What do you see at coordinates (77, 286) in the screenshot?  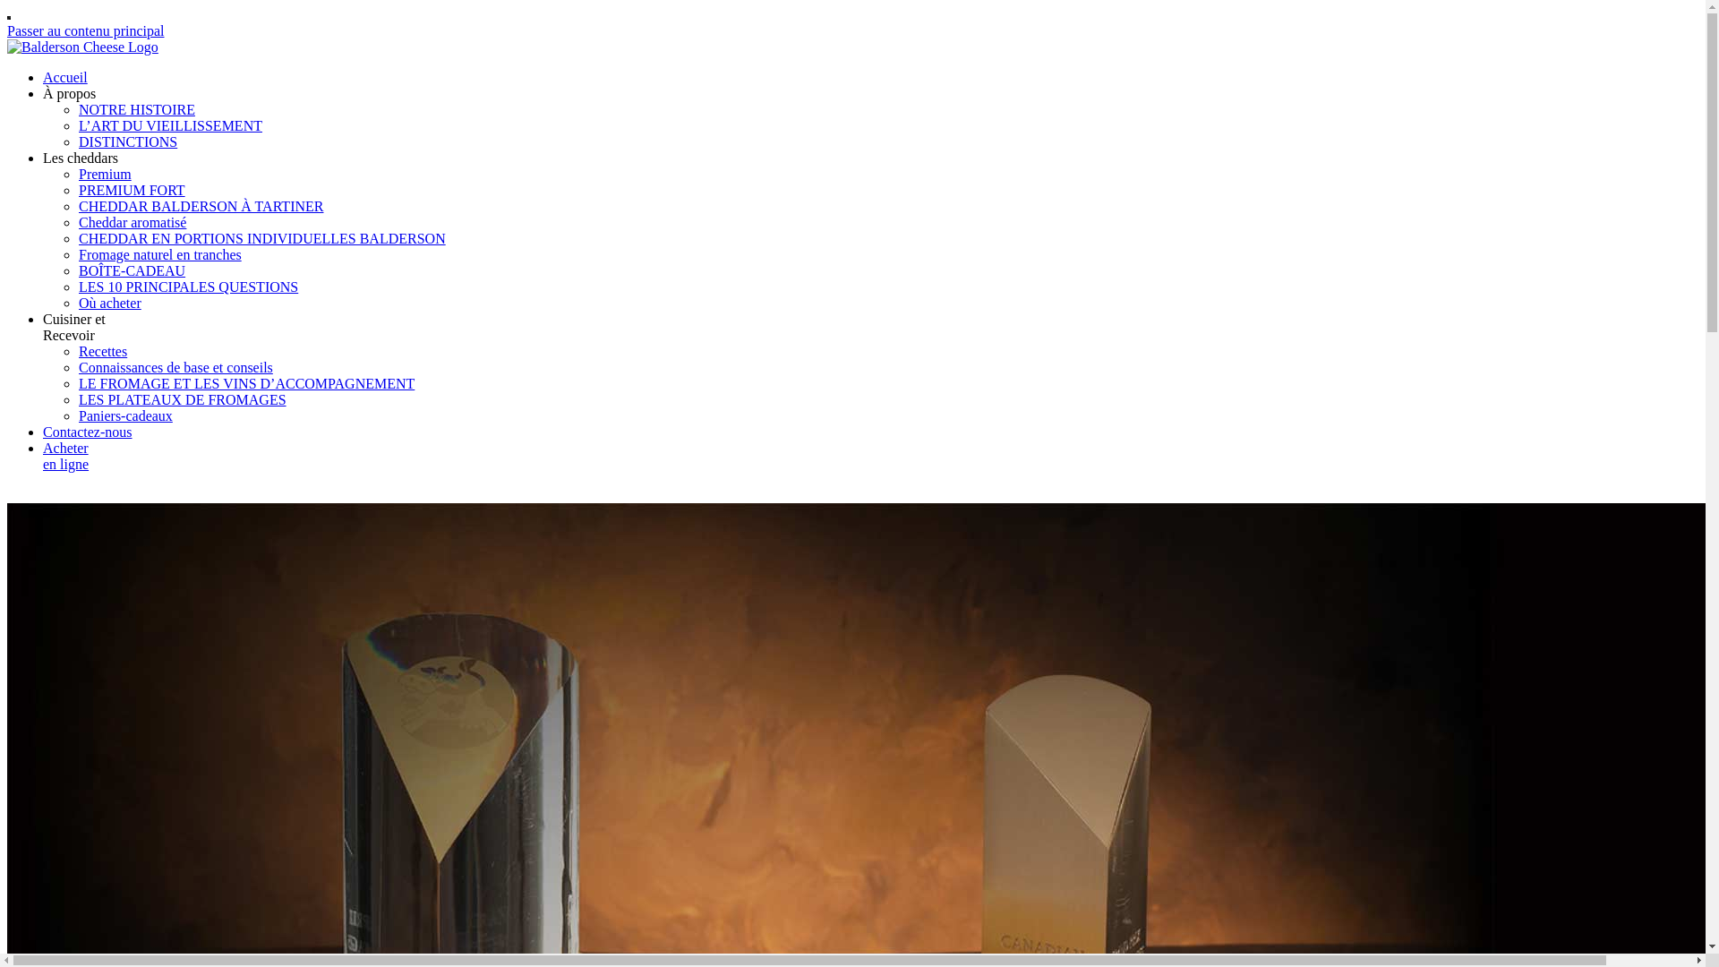 I see `'LES 10 PRINCIPALES QUESTIONS'` at bounding box center [77, 286].